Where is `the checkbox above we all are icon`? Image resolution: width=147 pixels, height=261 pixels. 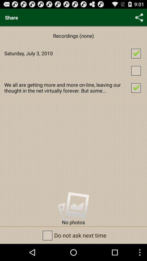 the checkbox above we all are icon is located at coordinates (73, 70).